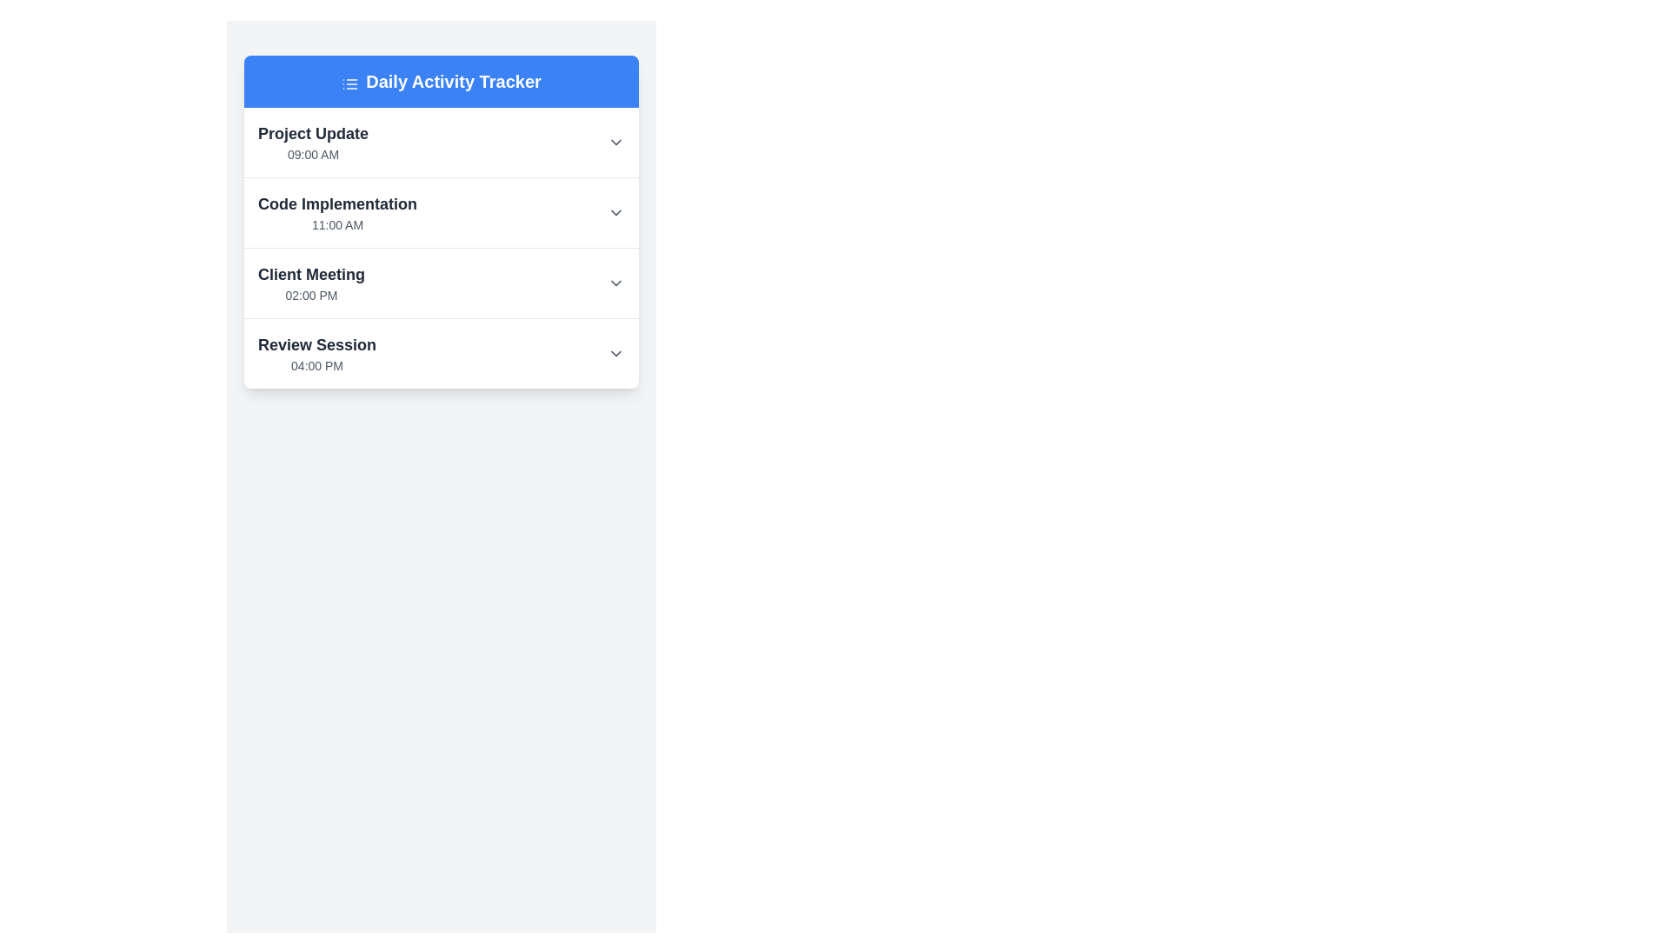 The image size is (1669, 939). What do you see at coordinates (313, 133) in the screenshot?
I see `the Text label that serves as a title or heading for the content below it, located in the topmost section of the vertically stacked list layout, above the text '09:00 AM'` at bounding box center [313, 133].